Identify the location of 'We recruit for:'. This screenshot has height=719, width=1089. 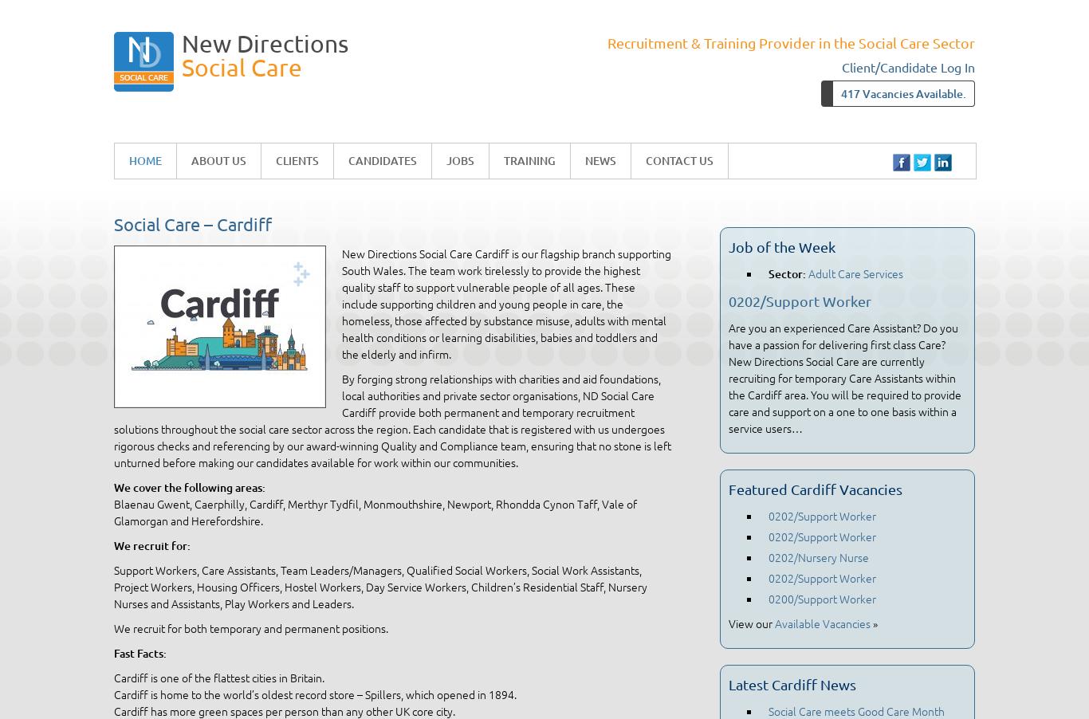
(151, 545).